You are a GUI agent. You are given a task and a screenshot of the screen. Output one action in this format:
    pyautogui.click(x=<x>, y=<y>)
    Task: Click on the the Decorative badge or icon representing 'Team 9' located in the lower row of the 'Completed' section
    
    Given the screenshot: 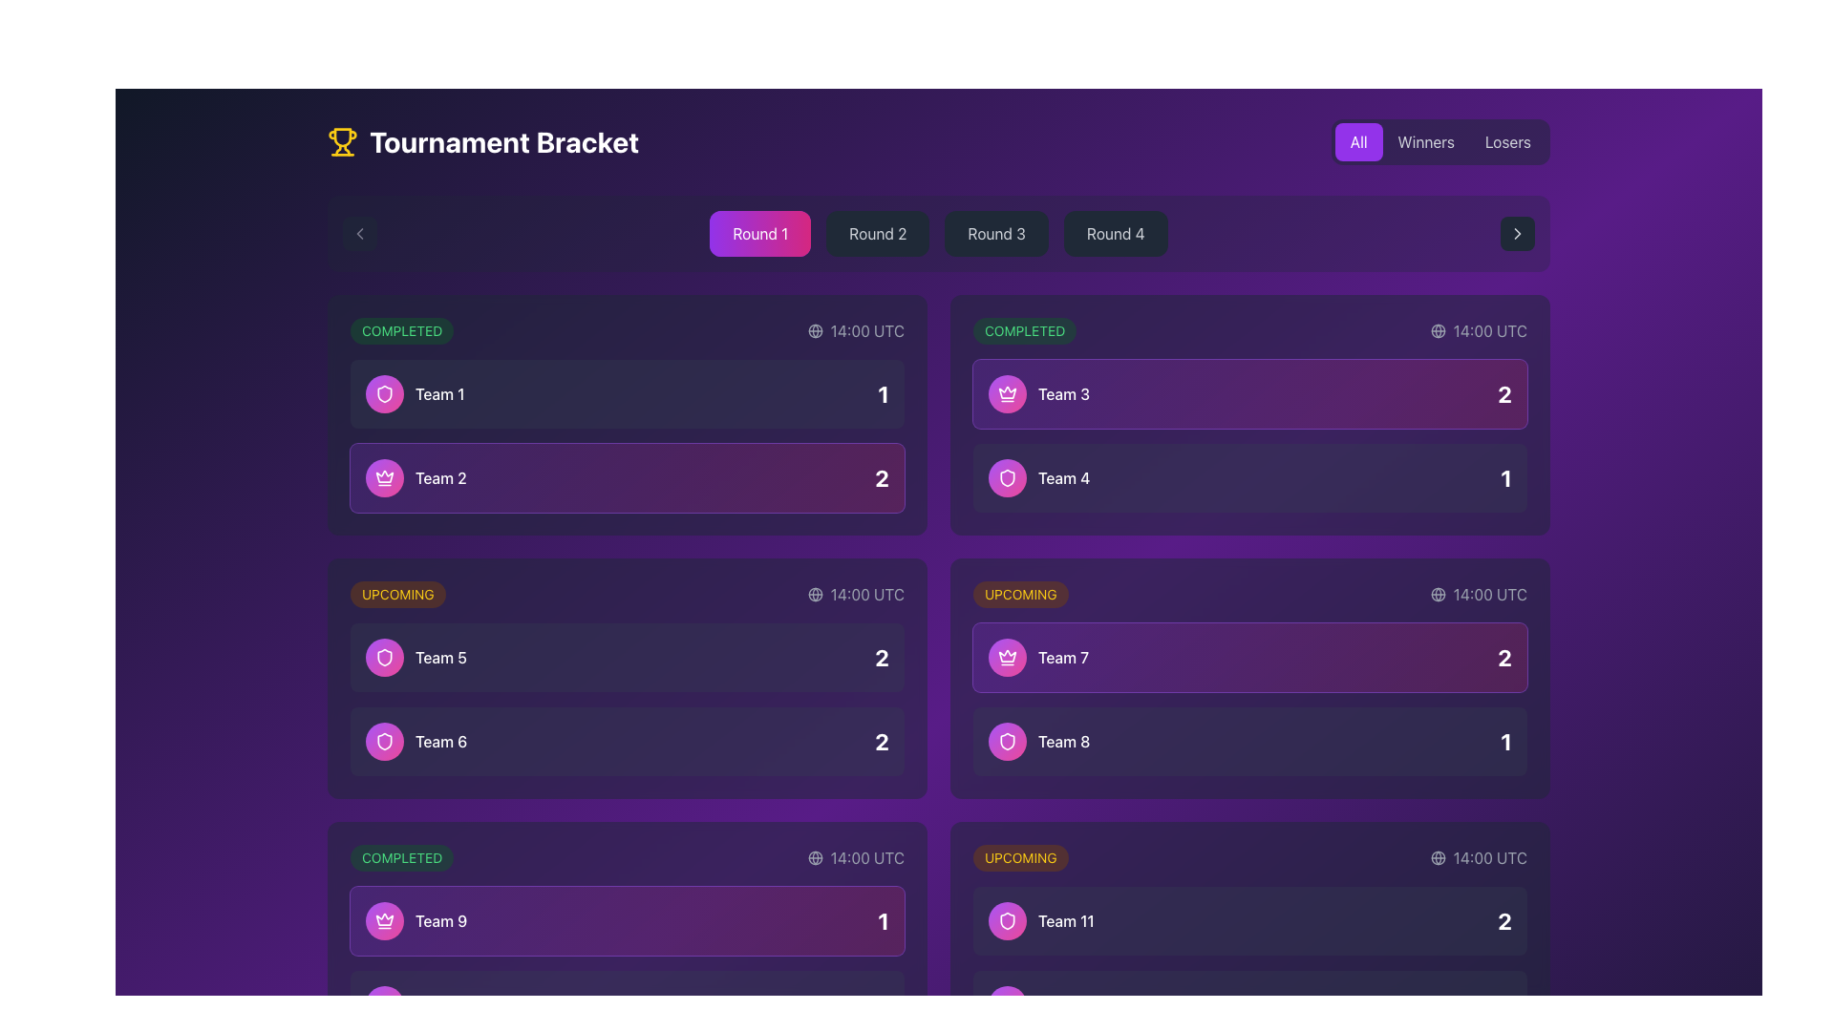 What is the action you would take?
    pyautogui.click(x=384, y=919)
    